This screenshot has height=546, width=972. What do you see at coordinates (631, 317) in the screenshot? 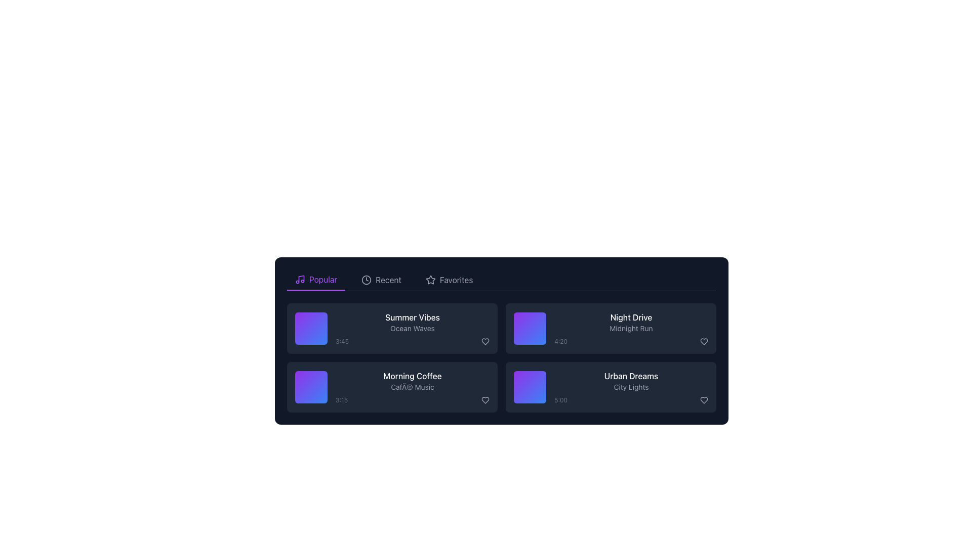
I see `the white text label reading 'Night Drive' located at the top-right section of the playlist card` at bounding box center [631, 317].